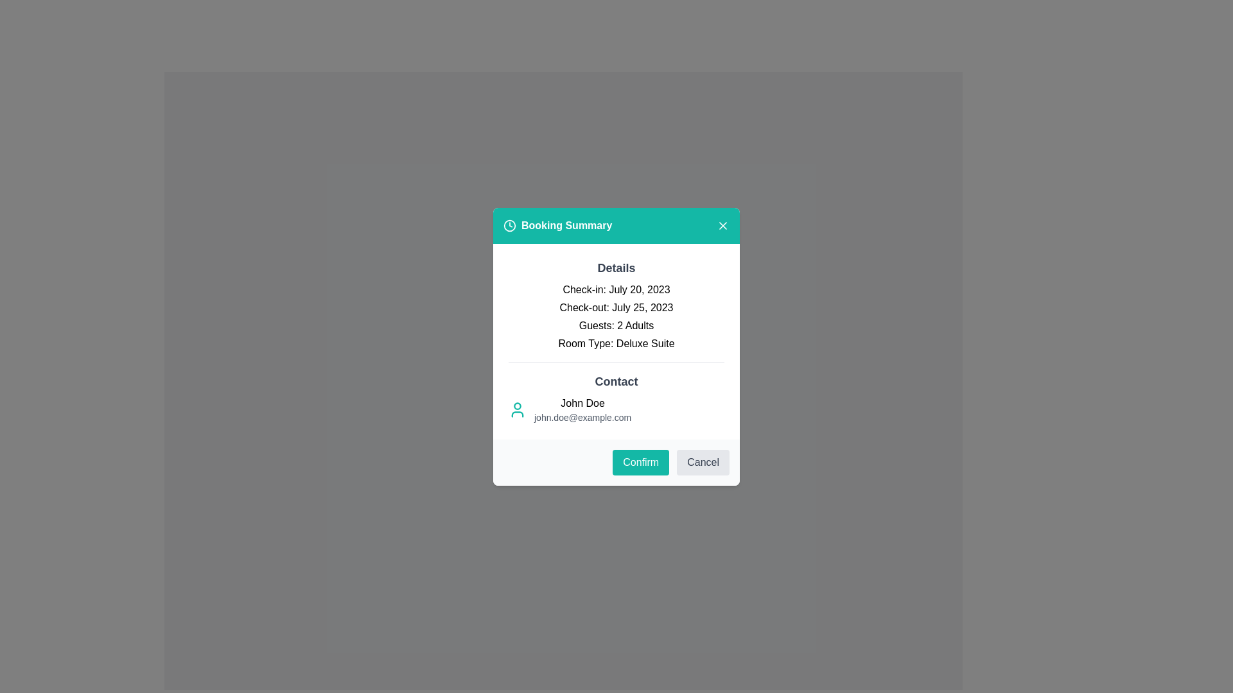  Describe the element at coordinates (582, 417) in the screenshot. I see `the text element displaying the email address 'john.doe@example.com' located underneath the bold name 'John Doe' in the 'Contact' section of the booking summary` at that location.